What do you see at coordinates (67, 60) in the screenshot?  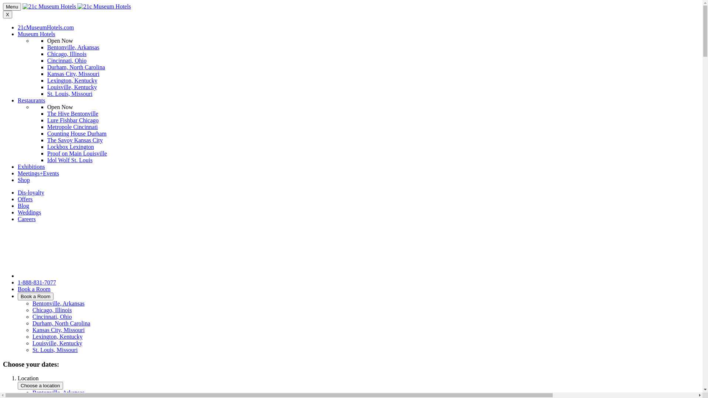 I see `'Cincinnati, Ohio'` at bounding box center [67, 60].